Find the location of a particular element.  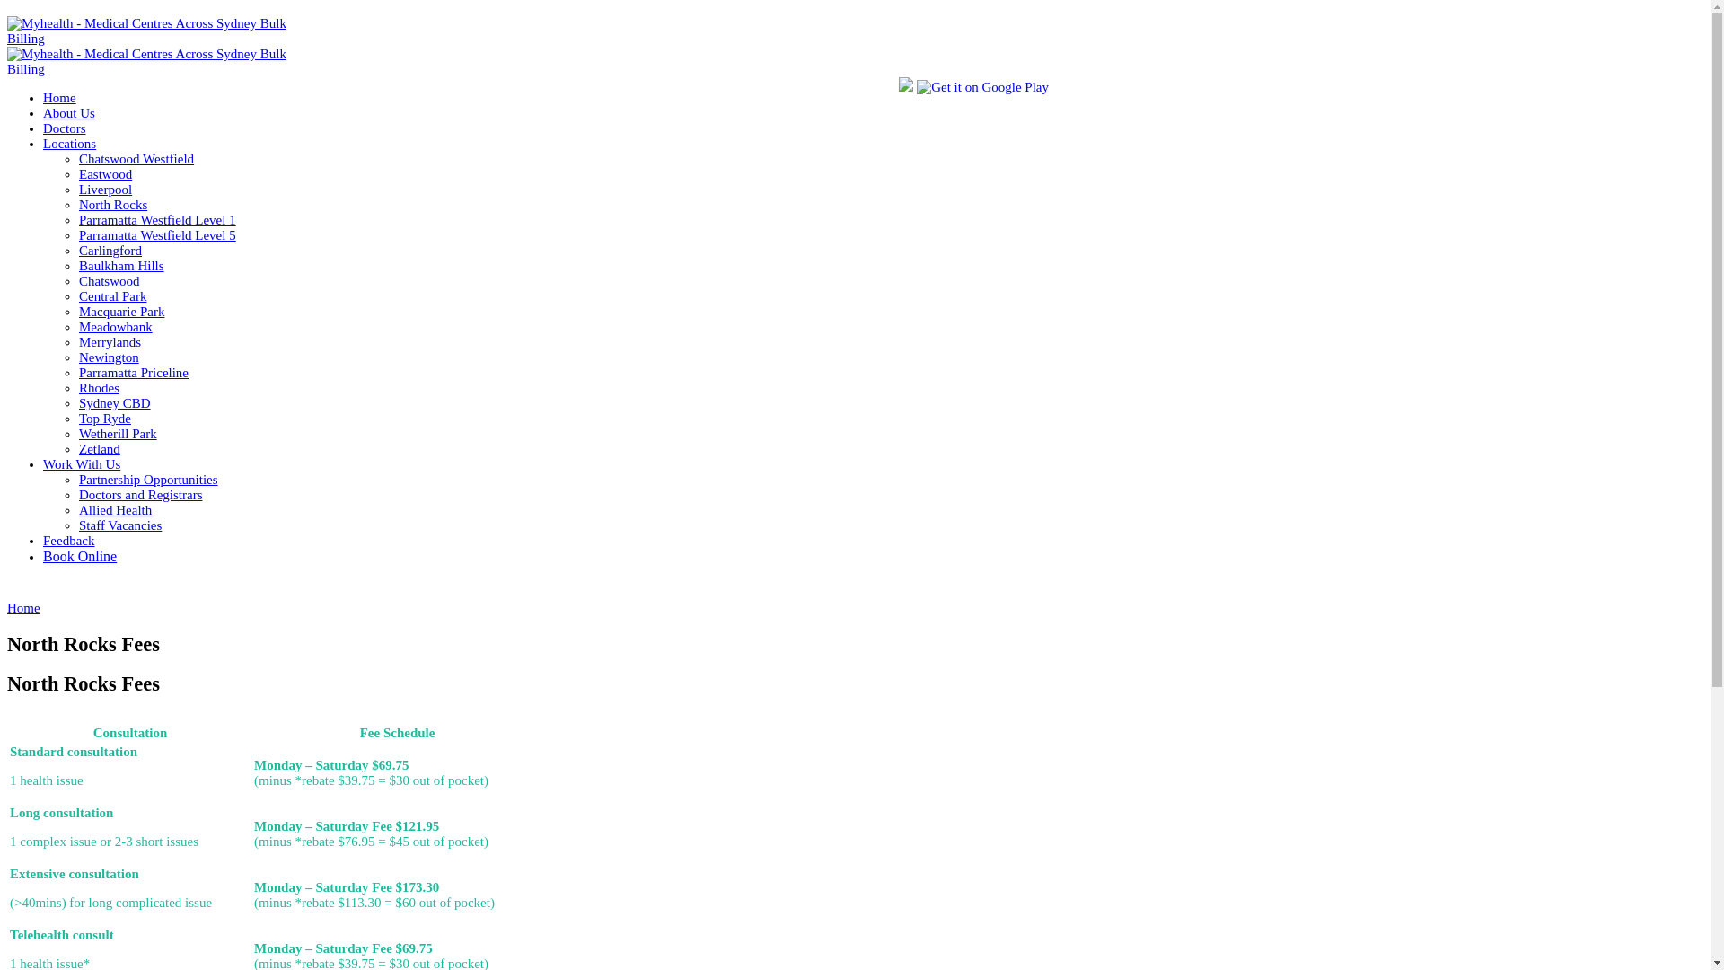

'Liverpool' is located at coordinates (104, 190).